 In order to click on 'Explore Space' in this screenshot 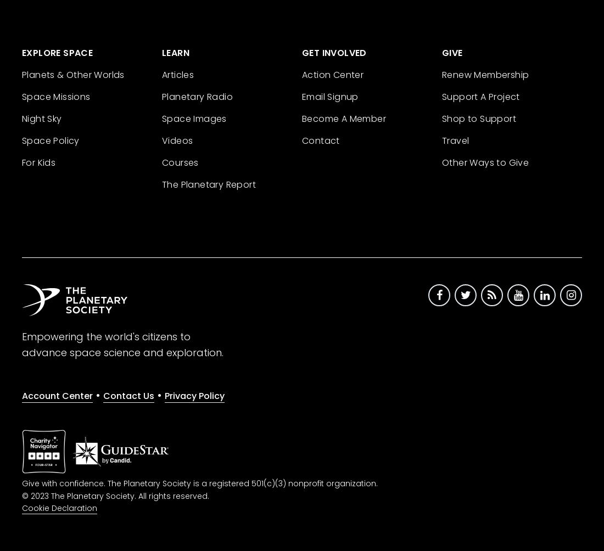, I will do `click(57, 52)`.